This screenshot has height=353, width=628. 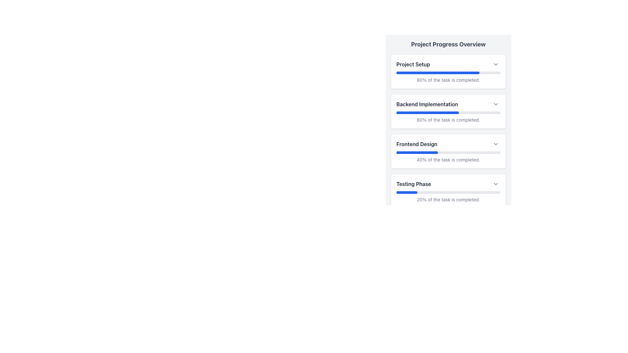 What do you see at coordinates (496, 143) in the screenshot?
I see `the Chevron Down icon located to the right of the 'Frontend Design' section in the 'Project Progress Overview' interface` at bounding box center [496, 143].